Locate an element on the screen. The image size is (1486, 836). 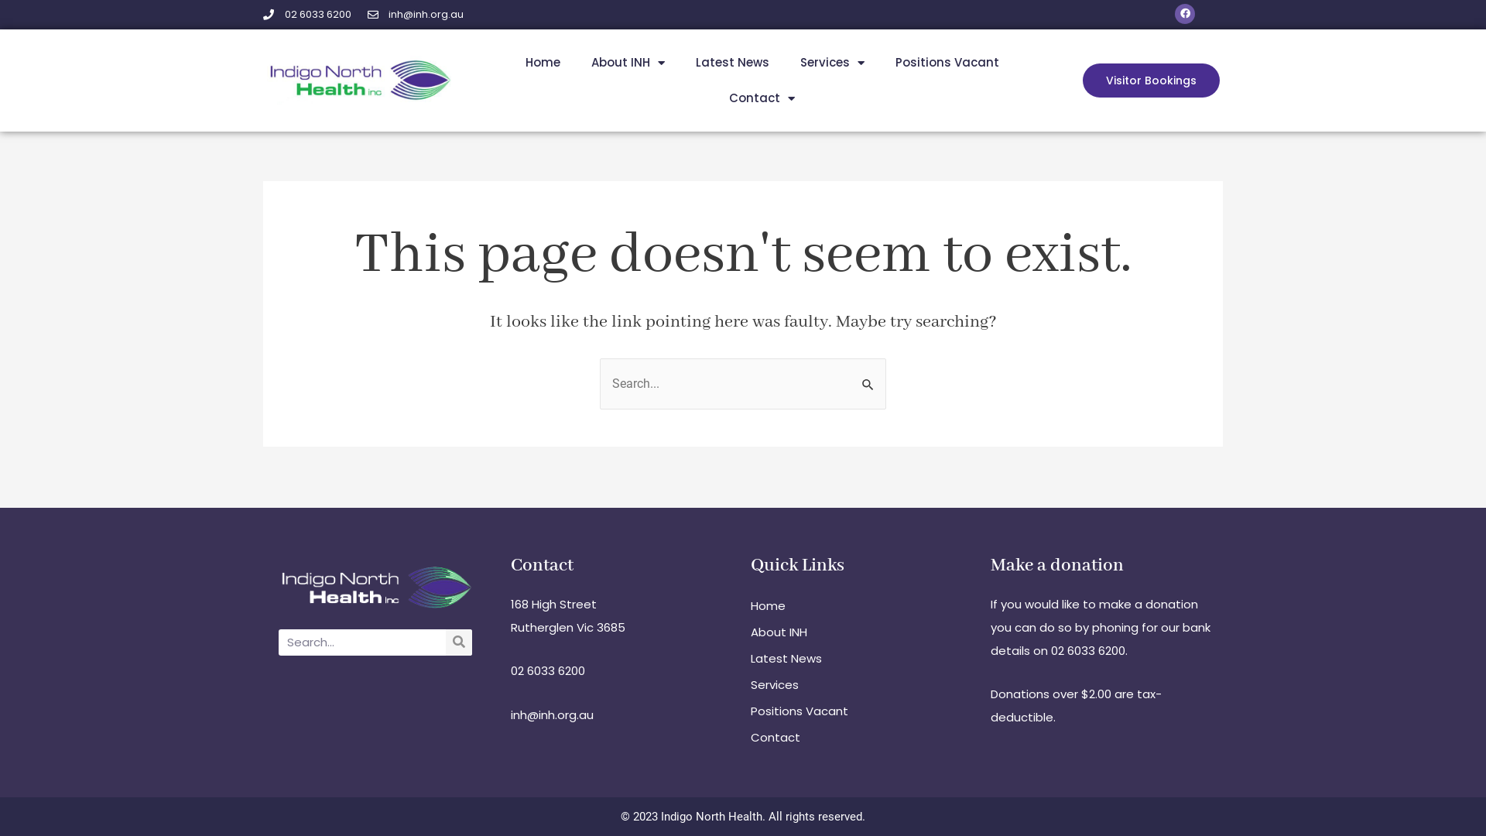
'Home' is located at coordinates (509, 62).